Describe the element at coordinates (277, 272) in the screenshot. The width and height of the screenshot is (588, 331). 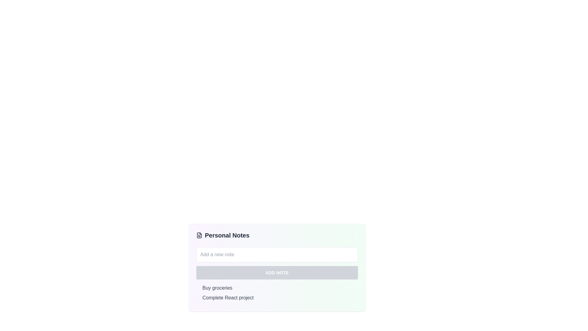
I see `the 'ADD NOTE' button, which is a rectangular button with a light gray background and bold uppercase white text, to observe any tooltip or style change` at that location.